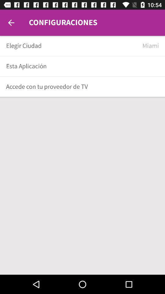 The width and height of the screenshot is (165, 294). What do you see at coordinates (11, 23) in the screenshot?
I see `the icon to the left of the configuraciones` at bounding box center [11, 23].